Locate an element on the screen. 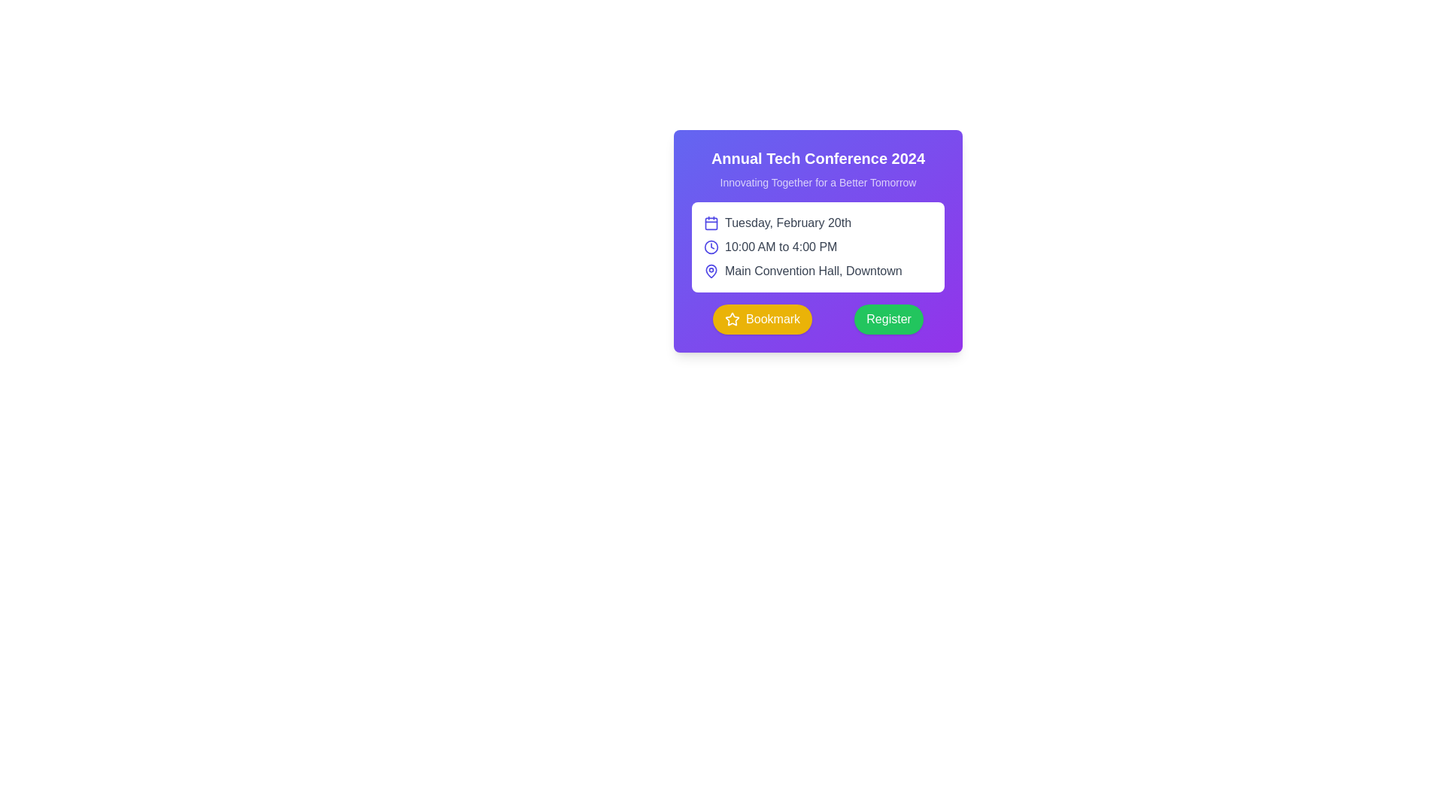  the small map pin icon styled with an indigo stroke located to the left of the text 'Main Convention Hall, Downtown' in the event information card is located at coordinates (710, 271).